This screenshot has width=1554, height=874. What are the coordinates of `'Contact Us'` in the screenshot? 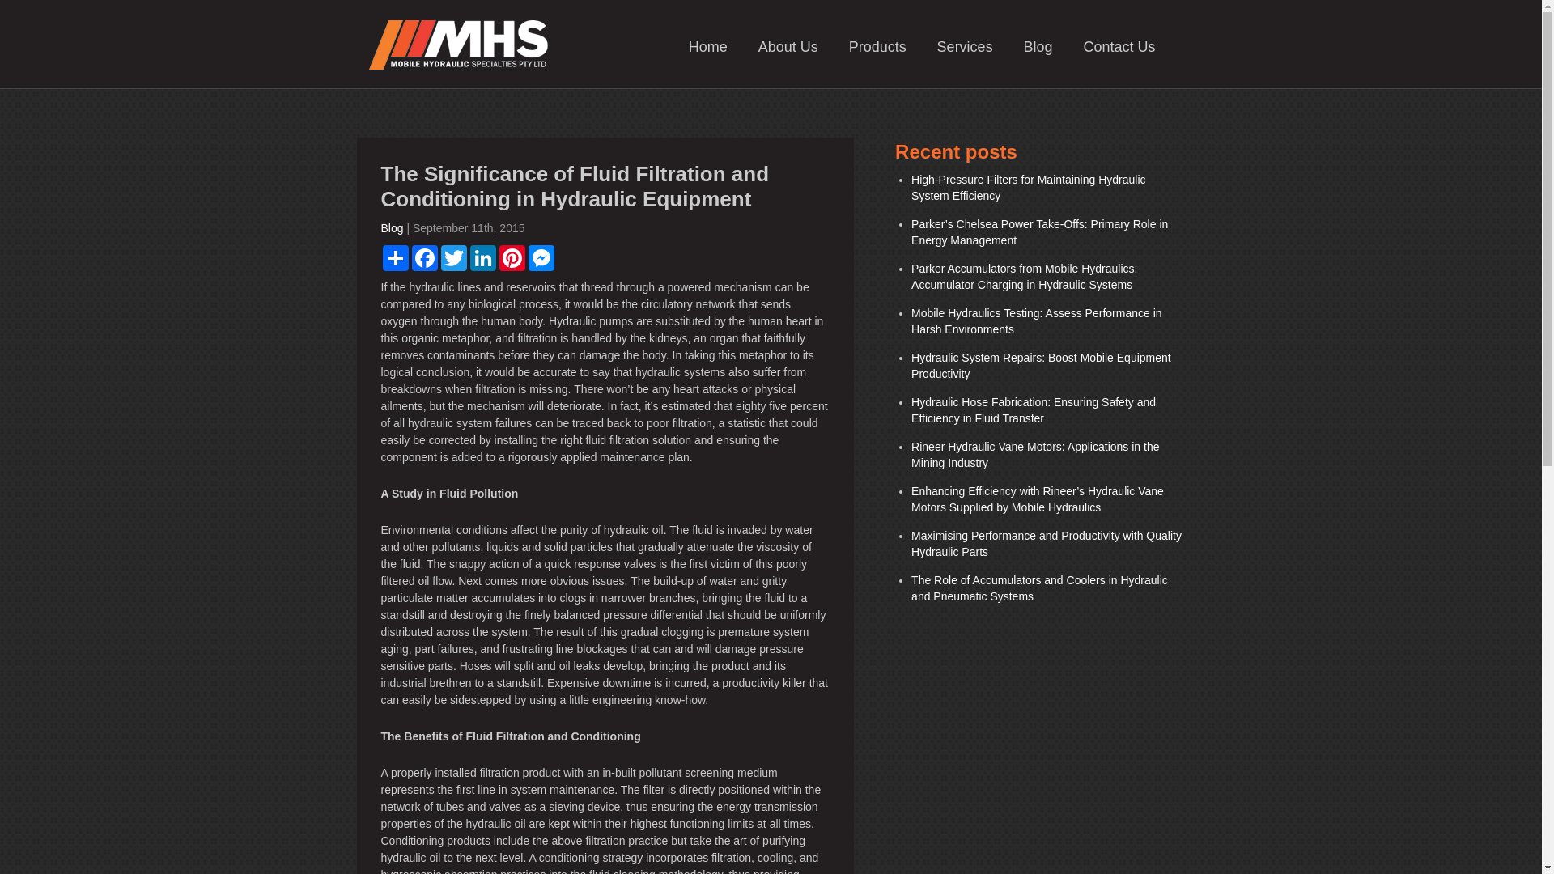 It's located at (1118, 45).